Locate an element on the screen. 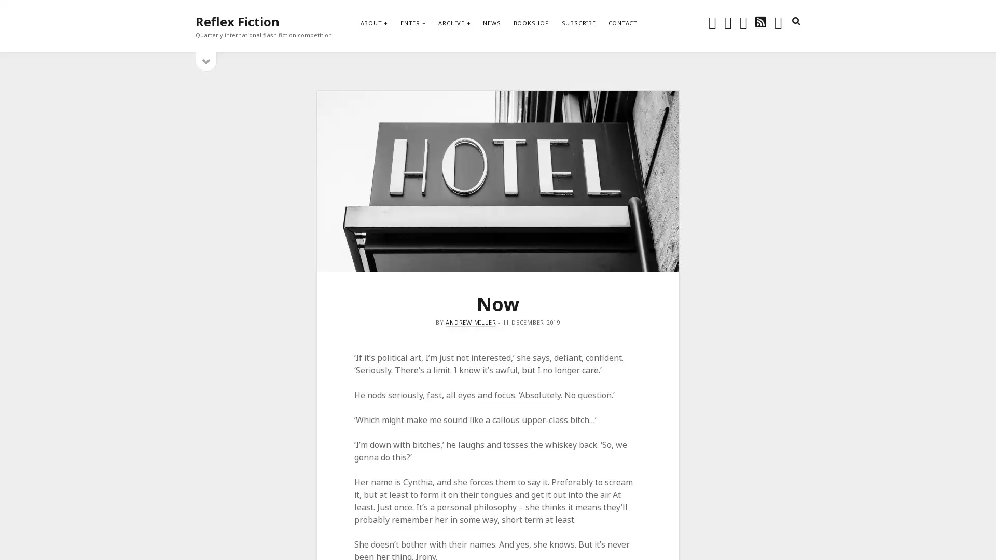  open sidebar is located at coordinates (205, 62).